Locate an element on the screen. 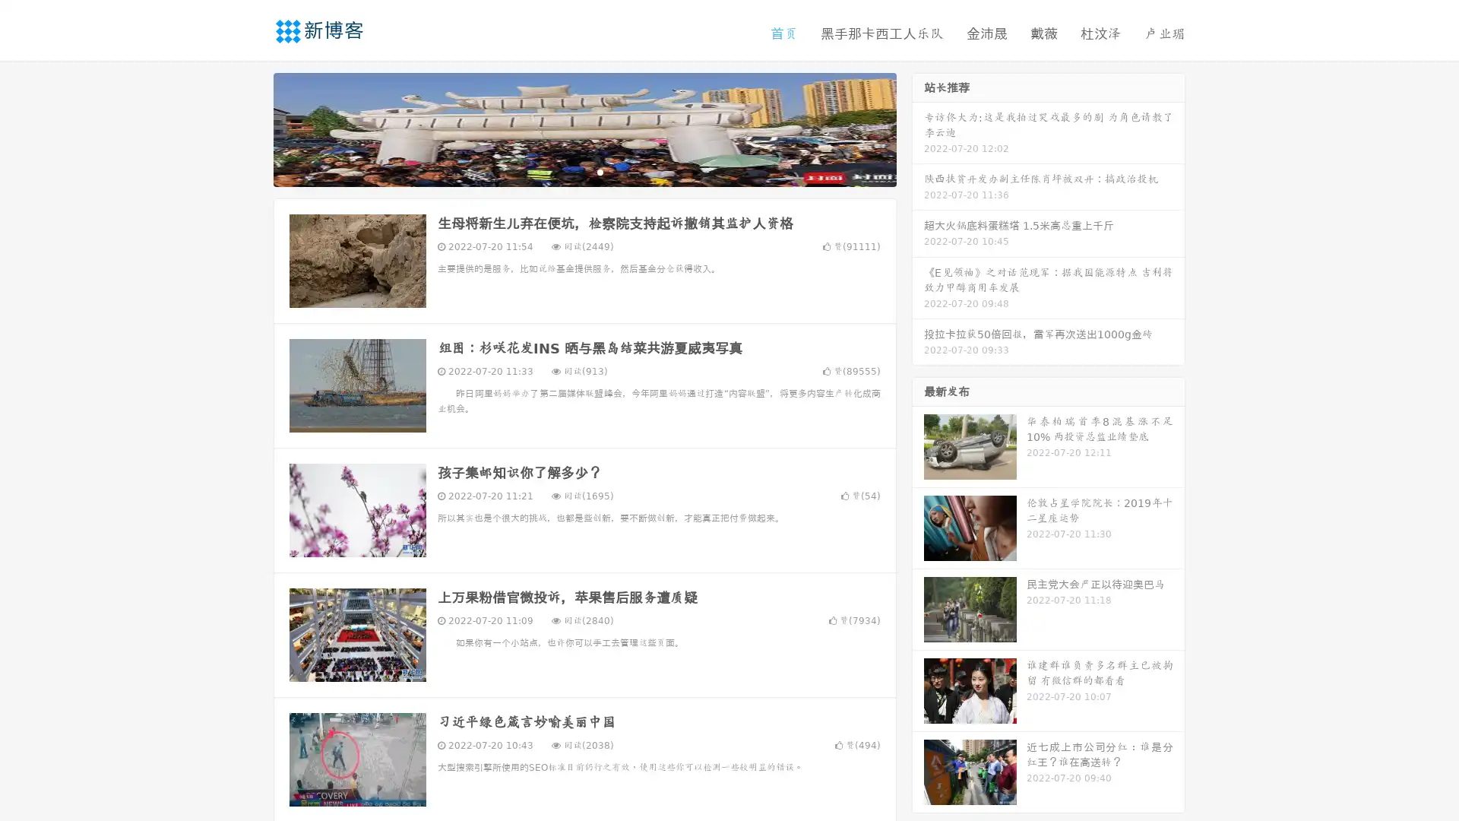 The height and width of the screenshot is (821, 1459). Go to slide 3 is located at coordinates (600, 171).